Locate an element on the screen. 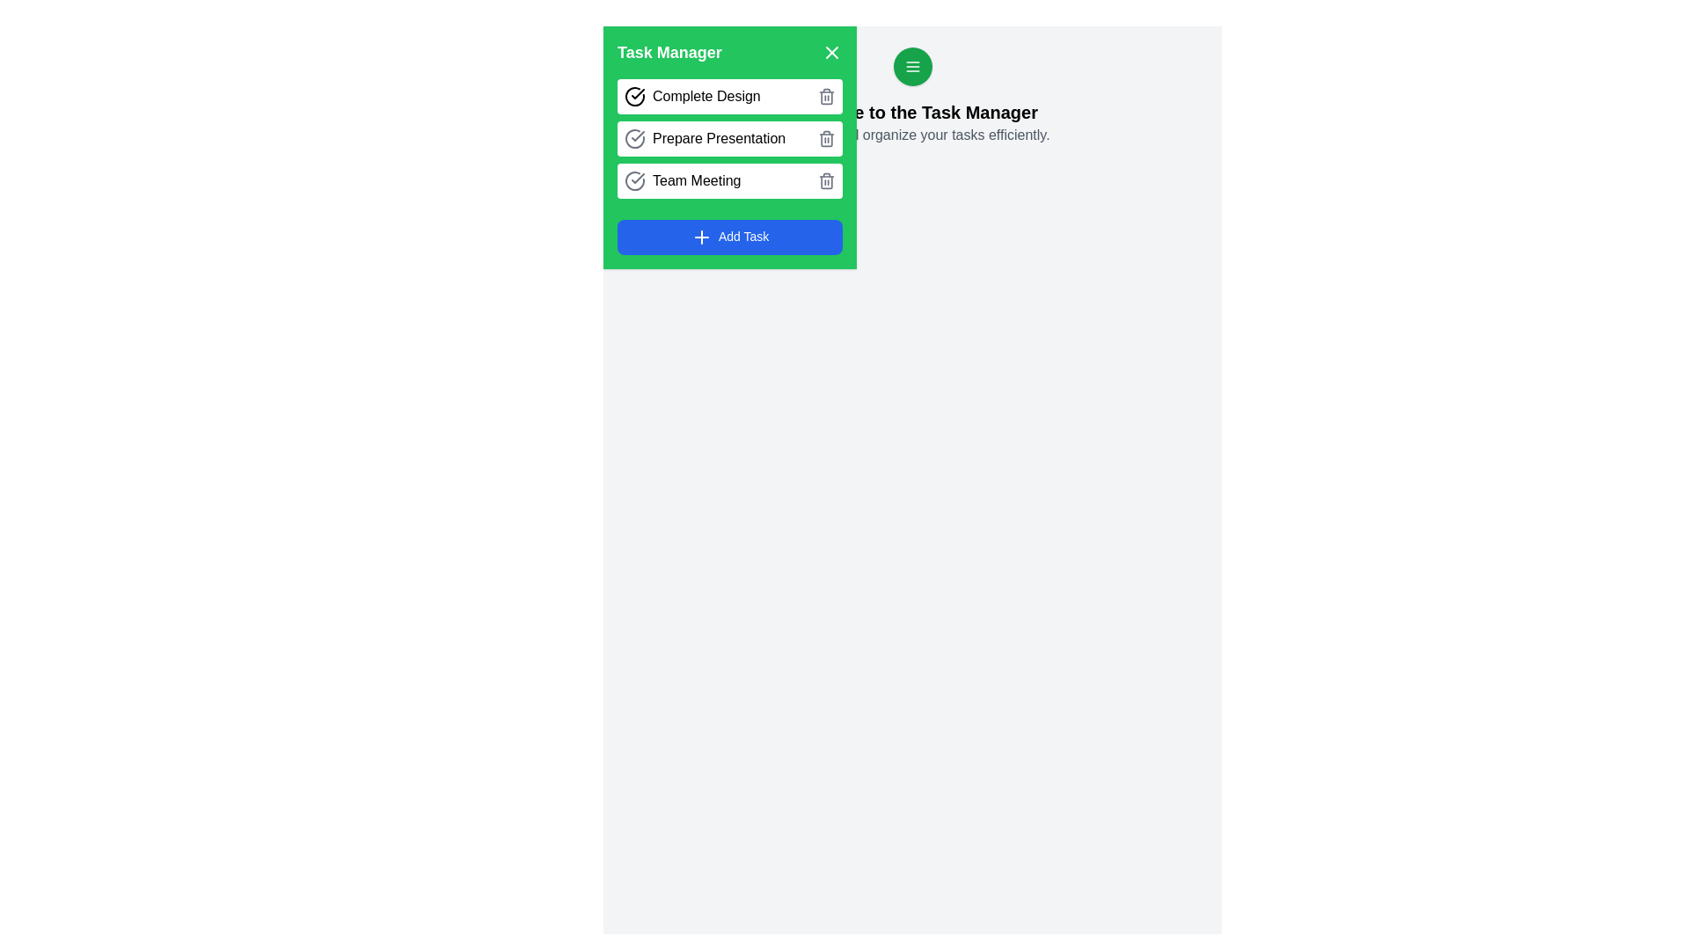 This screenshot has width=1689, height=950. the task with the name Team Meeting by clicking its delete button is located at coordinates (826, 180).